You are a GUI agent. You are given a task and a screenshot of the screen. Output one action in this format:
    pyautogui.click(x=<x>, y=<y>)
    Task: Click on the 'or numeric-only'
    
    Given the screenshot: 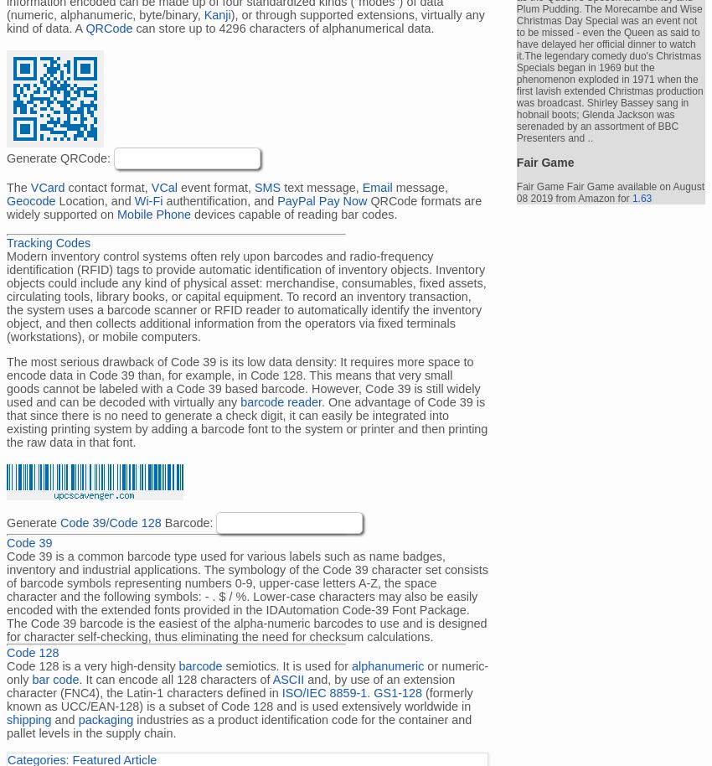 What is the action you would take?
    pyautogui.click(x=5, y=672)
    